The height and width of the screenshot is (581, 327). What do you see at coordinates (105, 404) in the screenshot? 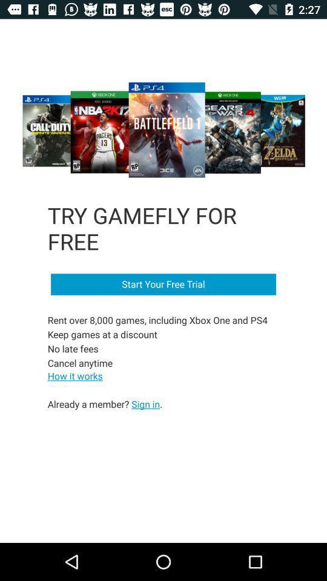
I see `the icon at the bottom left corner` at bounding box center [105, 404].